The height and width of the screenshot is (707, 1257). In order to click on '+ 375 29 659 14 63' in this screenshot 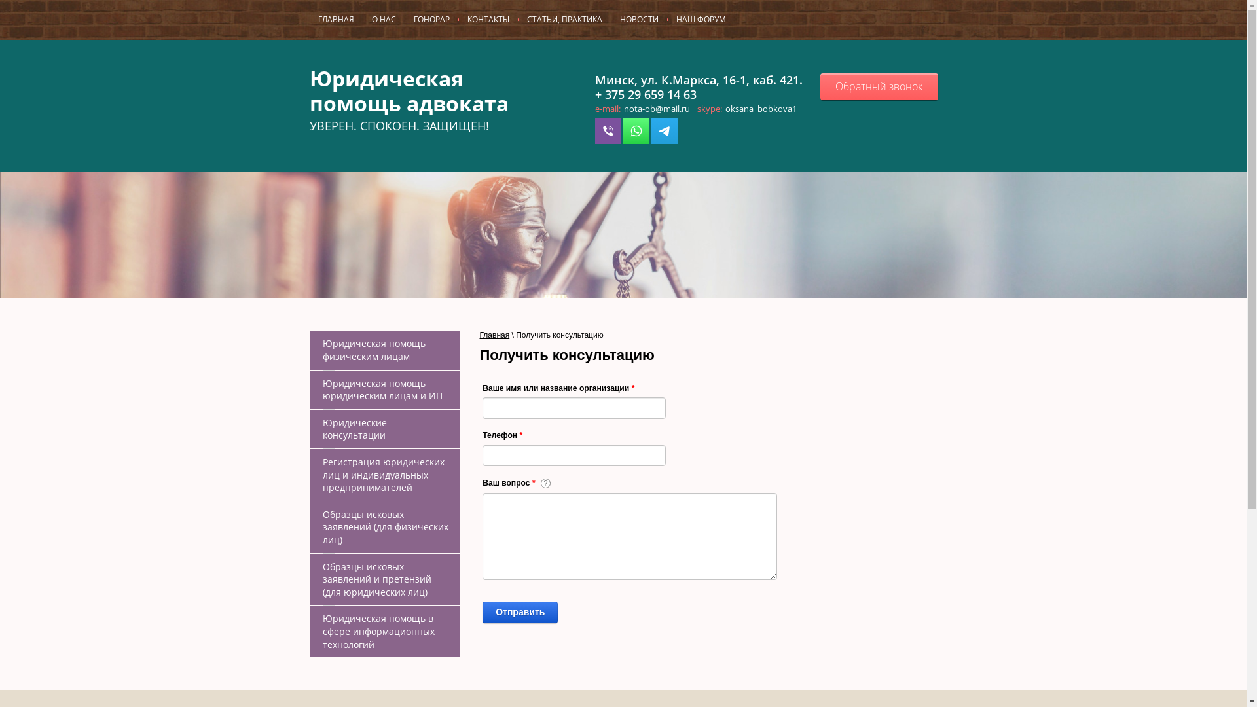, I will do `click(645, 93)`.